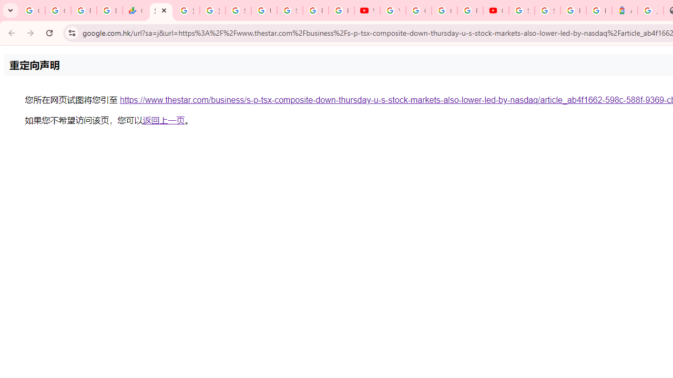  Describe the element at coordinates (547, 10) in the screenshot. I see `'Sign in - Google Accounts'` at that location.